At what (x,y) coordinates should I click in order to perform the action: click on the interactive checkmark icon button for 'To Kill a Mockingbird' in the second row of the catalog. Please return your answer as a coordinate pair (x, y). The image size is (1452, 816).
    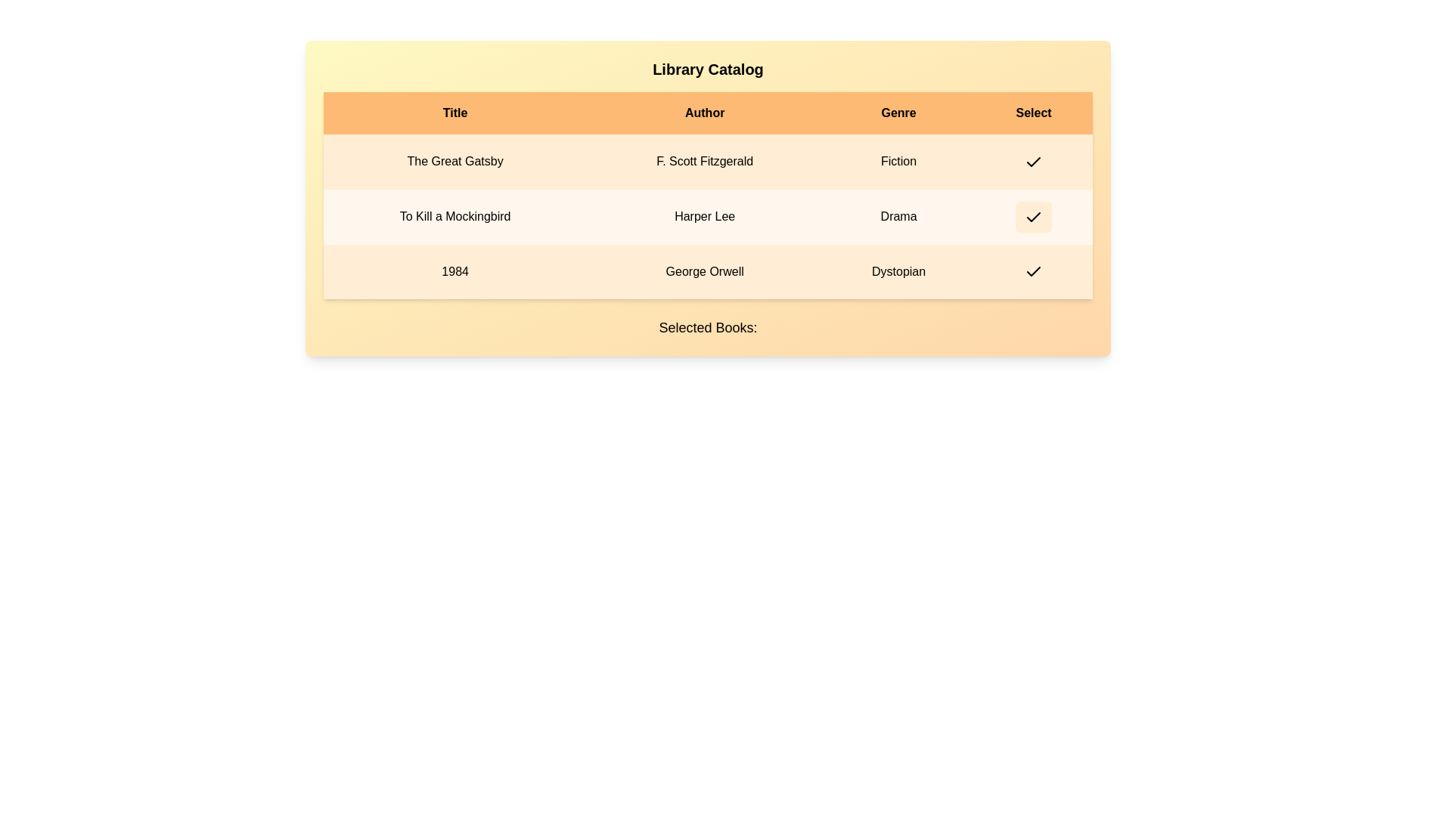
    Looking at the image, I should click on (1033, 217).